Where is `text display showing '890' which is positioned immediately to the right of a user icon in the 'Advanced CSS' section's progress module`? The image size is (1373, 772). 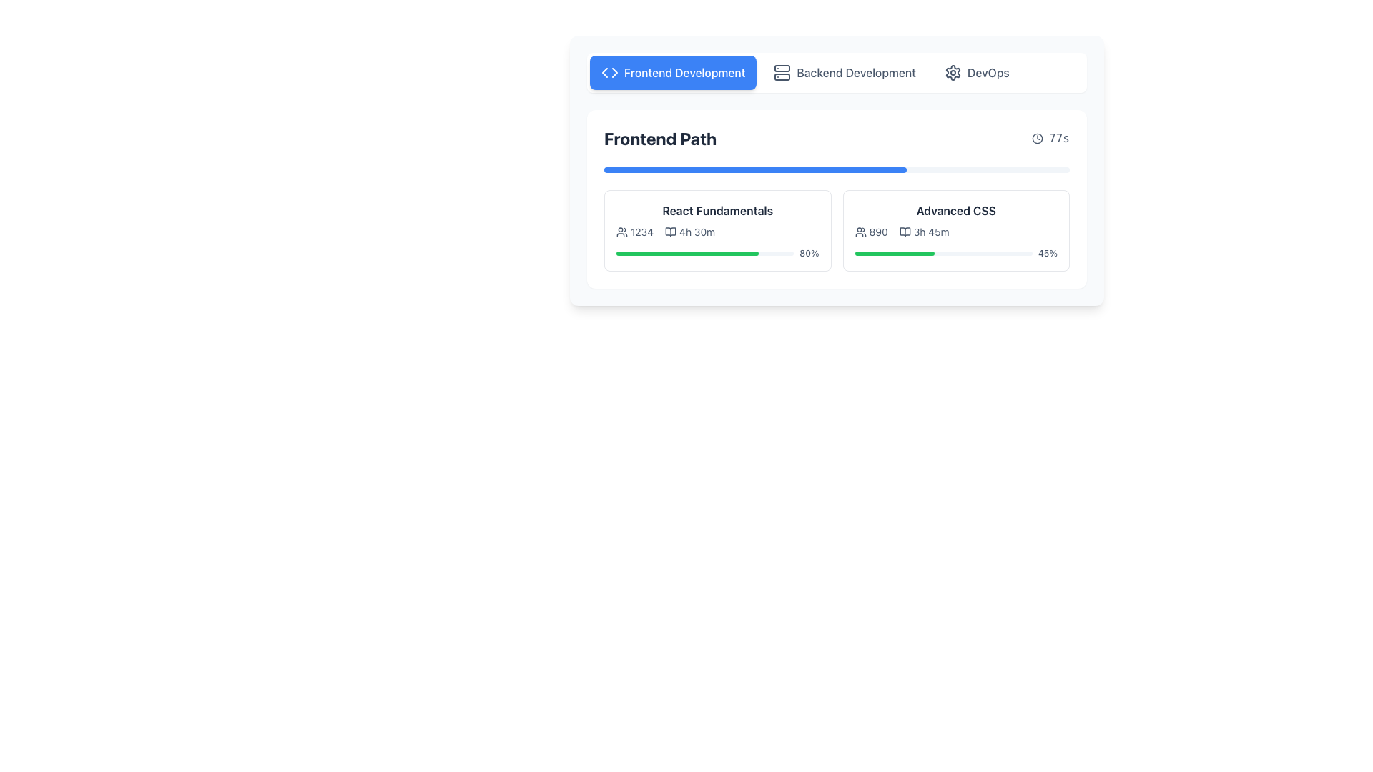
text display showing '890' which is positioned immediately to the right of a user icon in the 'Advanced CSS' section's progress module is located at coordinates (870, 231).